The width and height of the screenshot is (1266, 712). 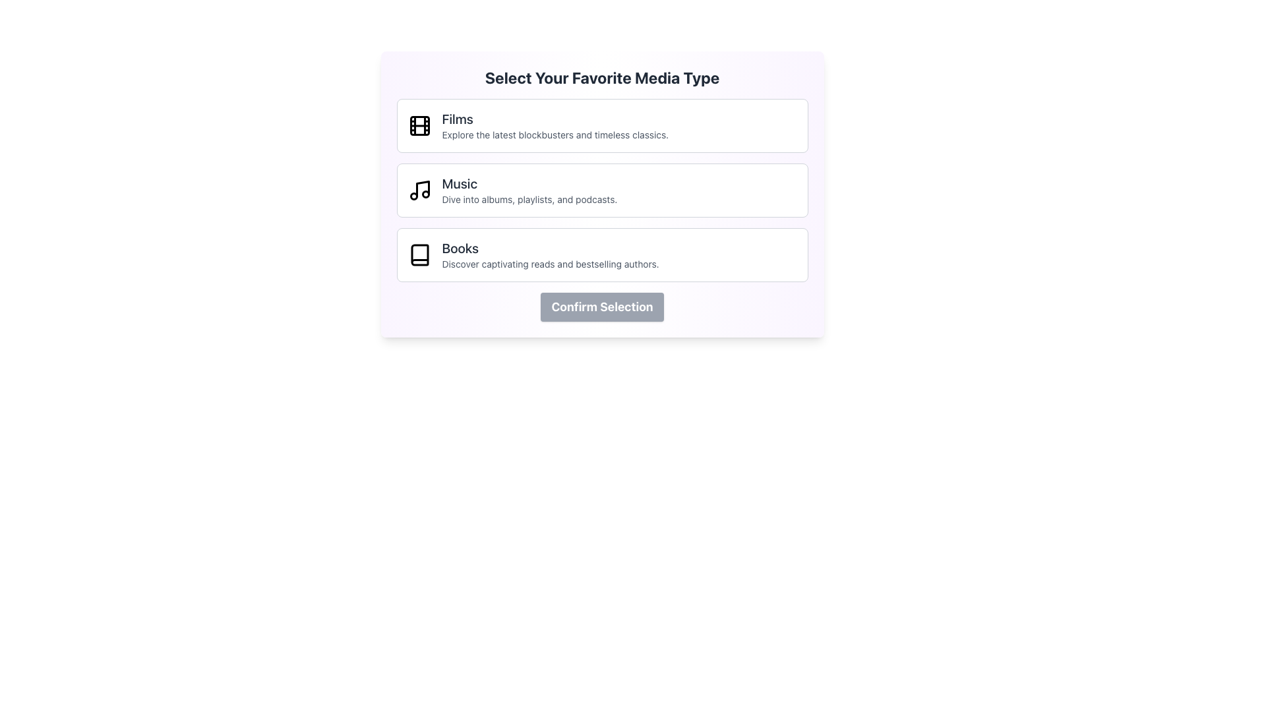 I want to click on the second interactive card in the list of media types located below the title 'Select Your Favorite Media Type', so click(x=601, y=191).